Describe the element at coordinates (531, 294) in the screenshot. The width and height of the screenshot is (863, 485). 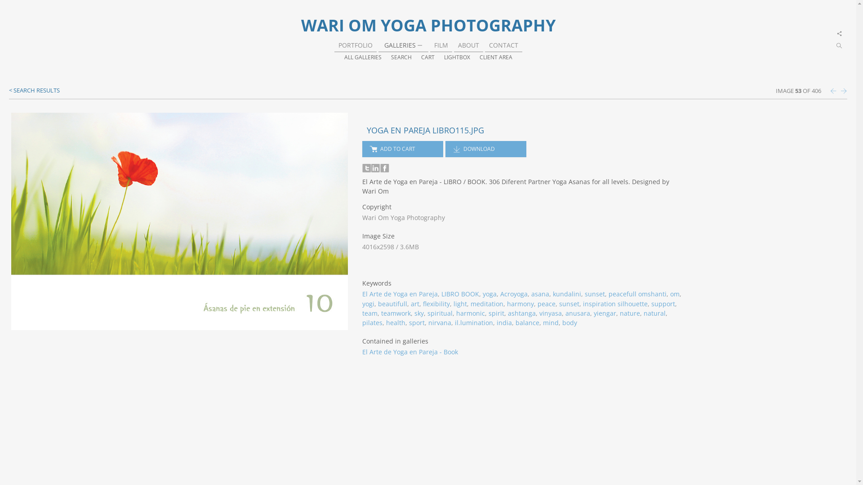
I see `'asana'` at that location.